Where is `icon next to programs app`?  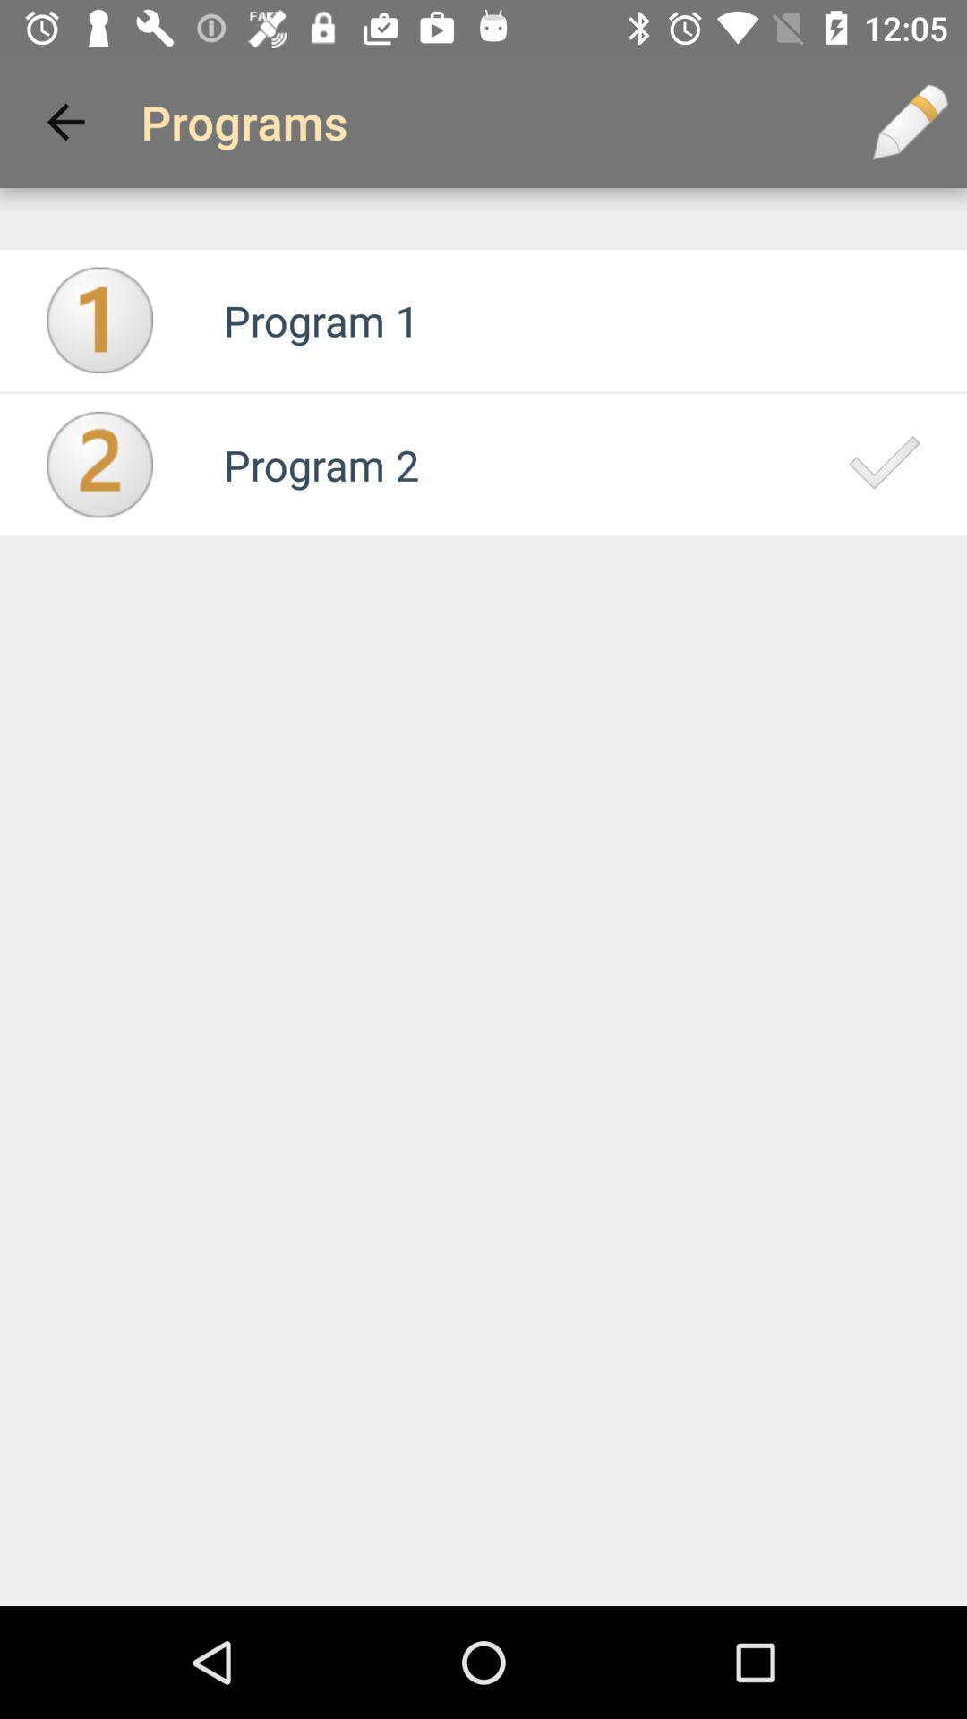 icon next to programs app is located at coordinates (64, 121).